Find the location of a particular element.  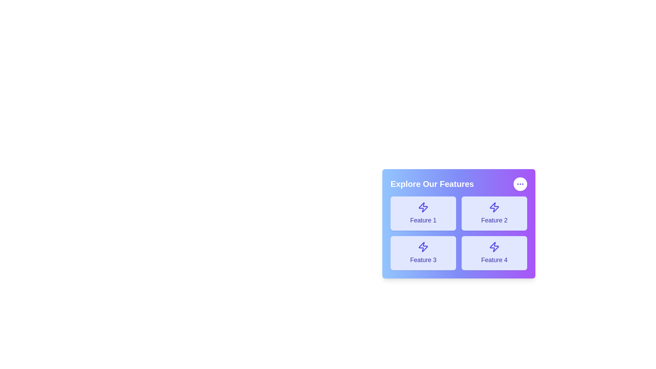

the button located in the top-right corner next to the title 'Explore Our Features' to observe any hover effects is located at coordinates (520, 184).